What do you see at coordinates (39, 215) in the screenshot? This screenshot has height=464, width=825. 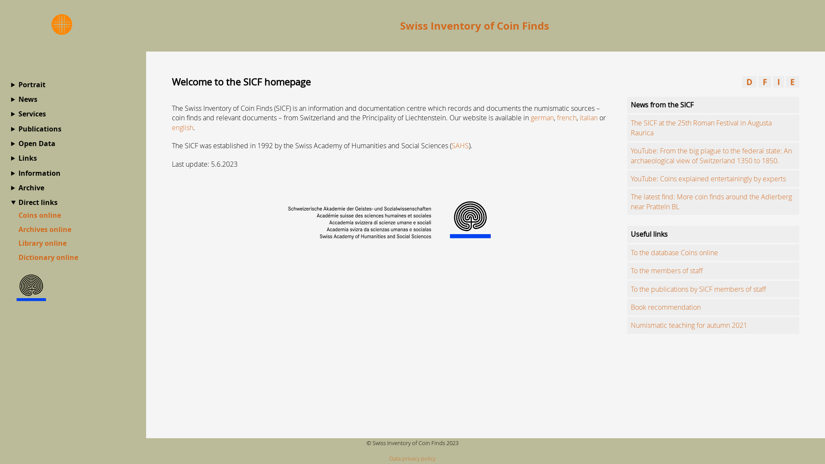 I see `'Coins online'` at bounding box center [39, 215].